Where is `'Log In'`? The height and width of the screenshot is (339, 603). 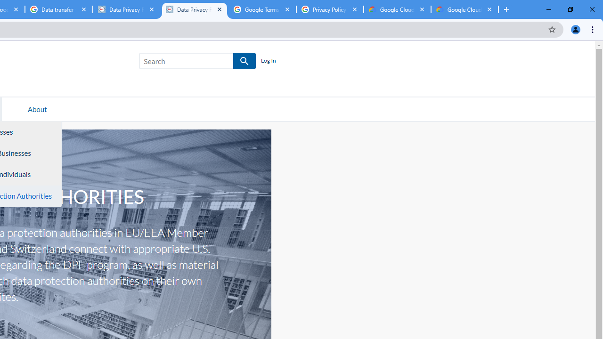 'Log In' is located at coordinates (268, 61).